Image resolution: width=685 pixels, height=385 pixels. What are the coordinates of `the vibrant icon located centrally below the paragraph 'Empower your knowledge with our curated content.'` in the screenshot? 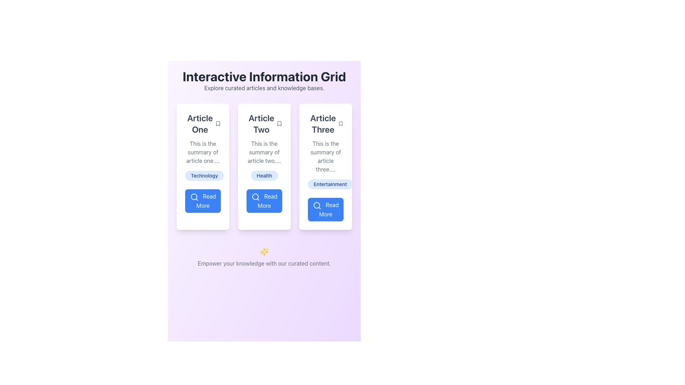 It's located at (264, 251).